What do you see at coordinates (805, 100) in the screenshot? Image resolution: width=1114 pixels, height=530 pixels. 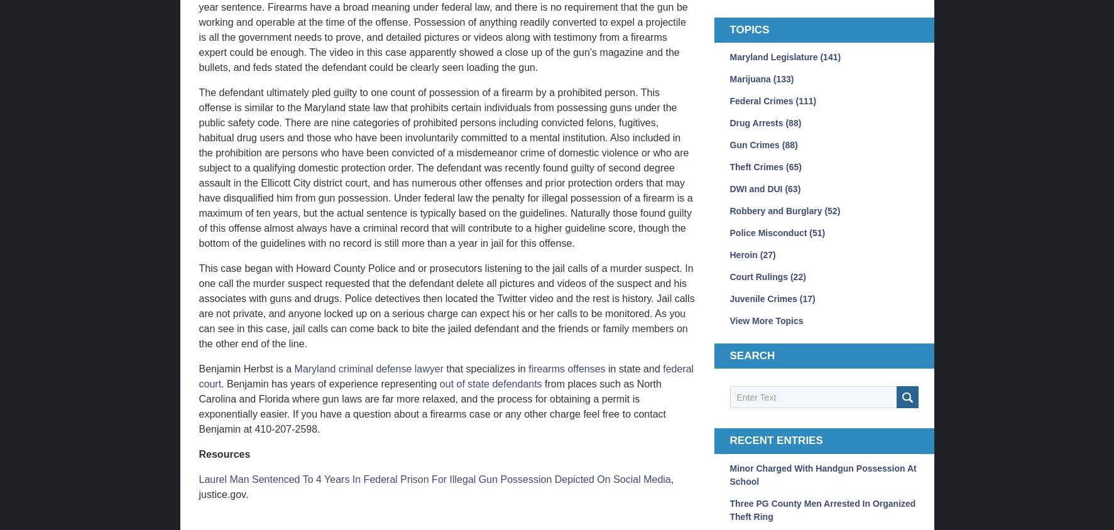 I see `'(111)'` at bounding box center [805, 100].